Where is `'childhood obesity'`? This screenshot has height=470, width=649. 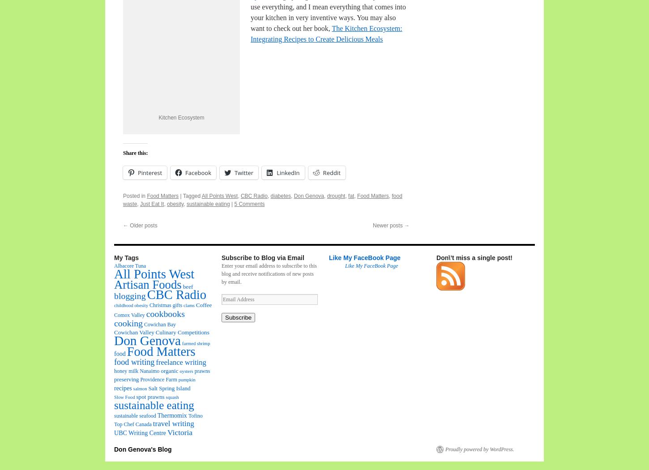 'childhood obesity' is located at coordinates (131, 305).